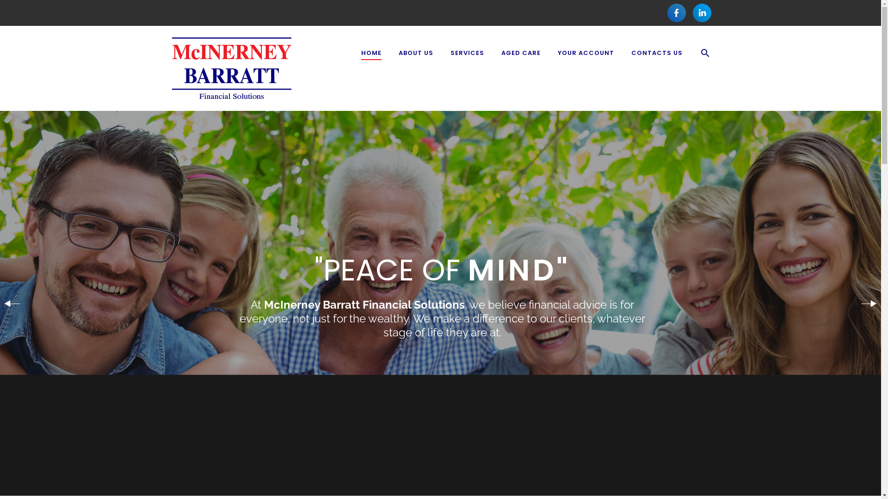 Image resolution: width=888 pixels, height=499 pixels. I want to click on 'AGED CARE', so click(521, 53).